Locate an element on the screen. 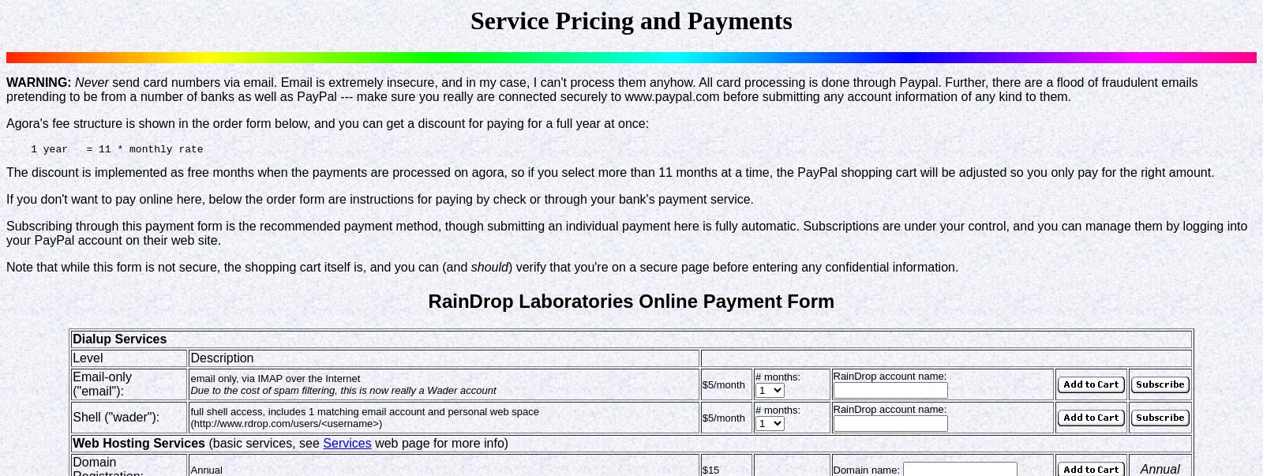 Image resolution: width=1263 pixels, height=476 pixels. 'RainDrop Laboratories Online Payment Form' is located at coordinates (631, 301).